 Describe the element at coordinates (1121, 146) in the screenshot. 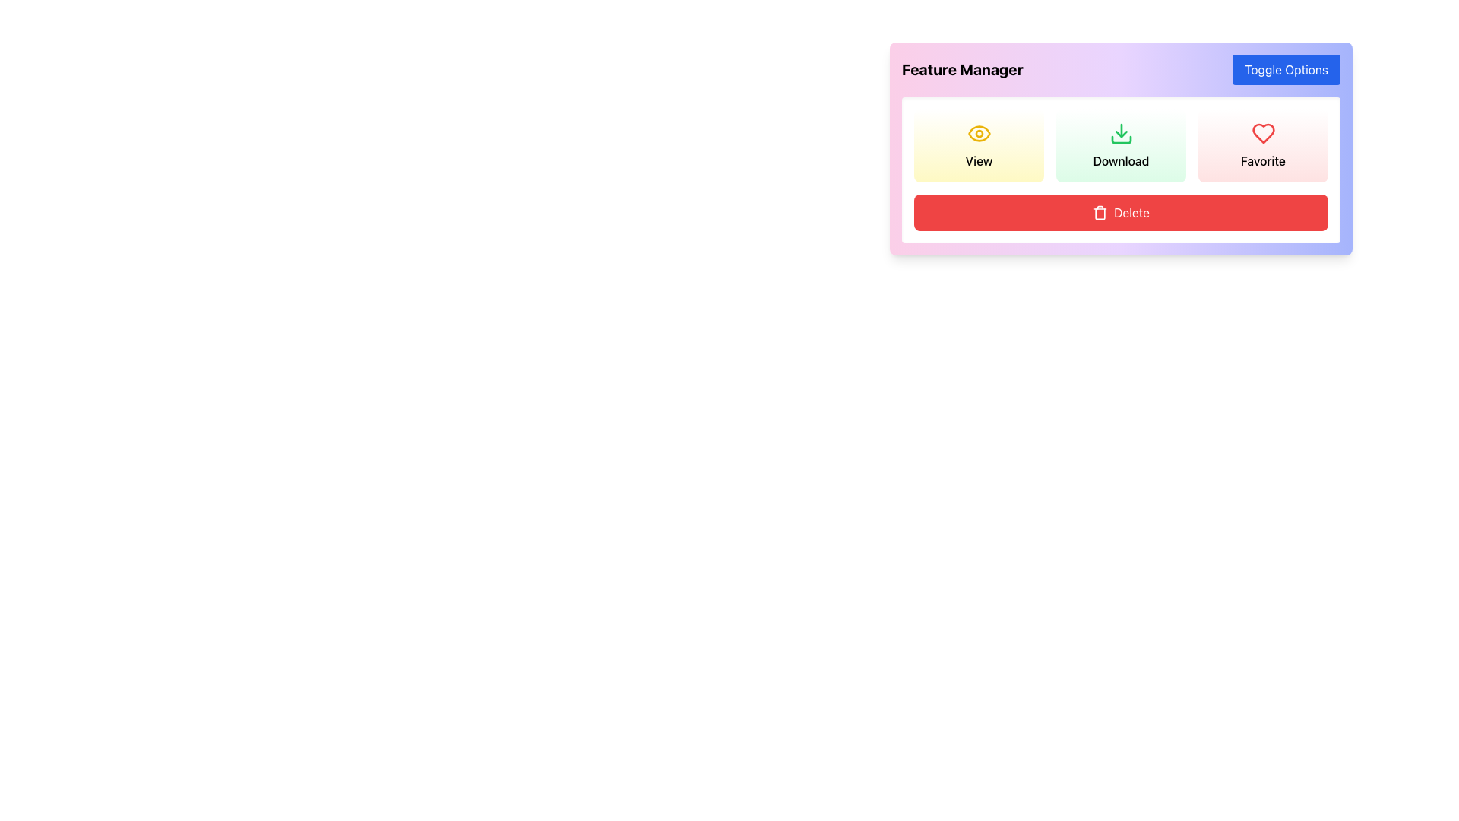

I see `the 'Download' button, which is located in the central column of a grid layout, featuring a green downward arrow icon and a label styled with a green gradient background` at that location.